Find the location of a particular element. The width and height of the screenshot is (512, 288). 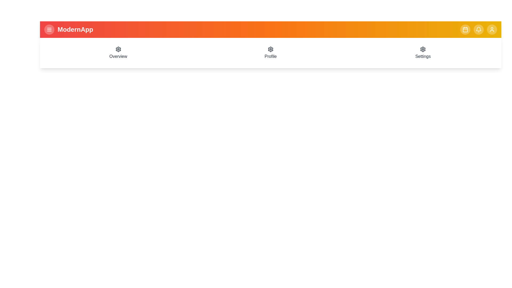

menu icon to toggle the navigation menu is located at coordinates (49, 30).